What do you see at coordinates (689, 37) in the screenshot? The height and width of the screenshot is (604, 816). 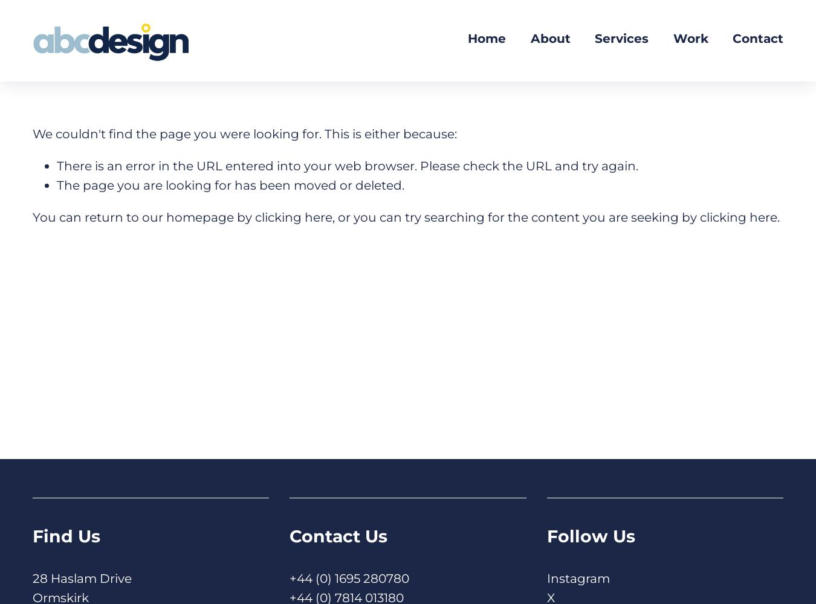 I see `'Work'` at bounding box center [689, 37].